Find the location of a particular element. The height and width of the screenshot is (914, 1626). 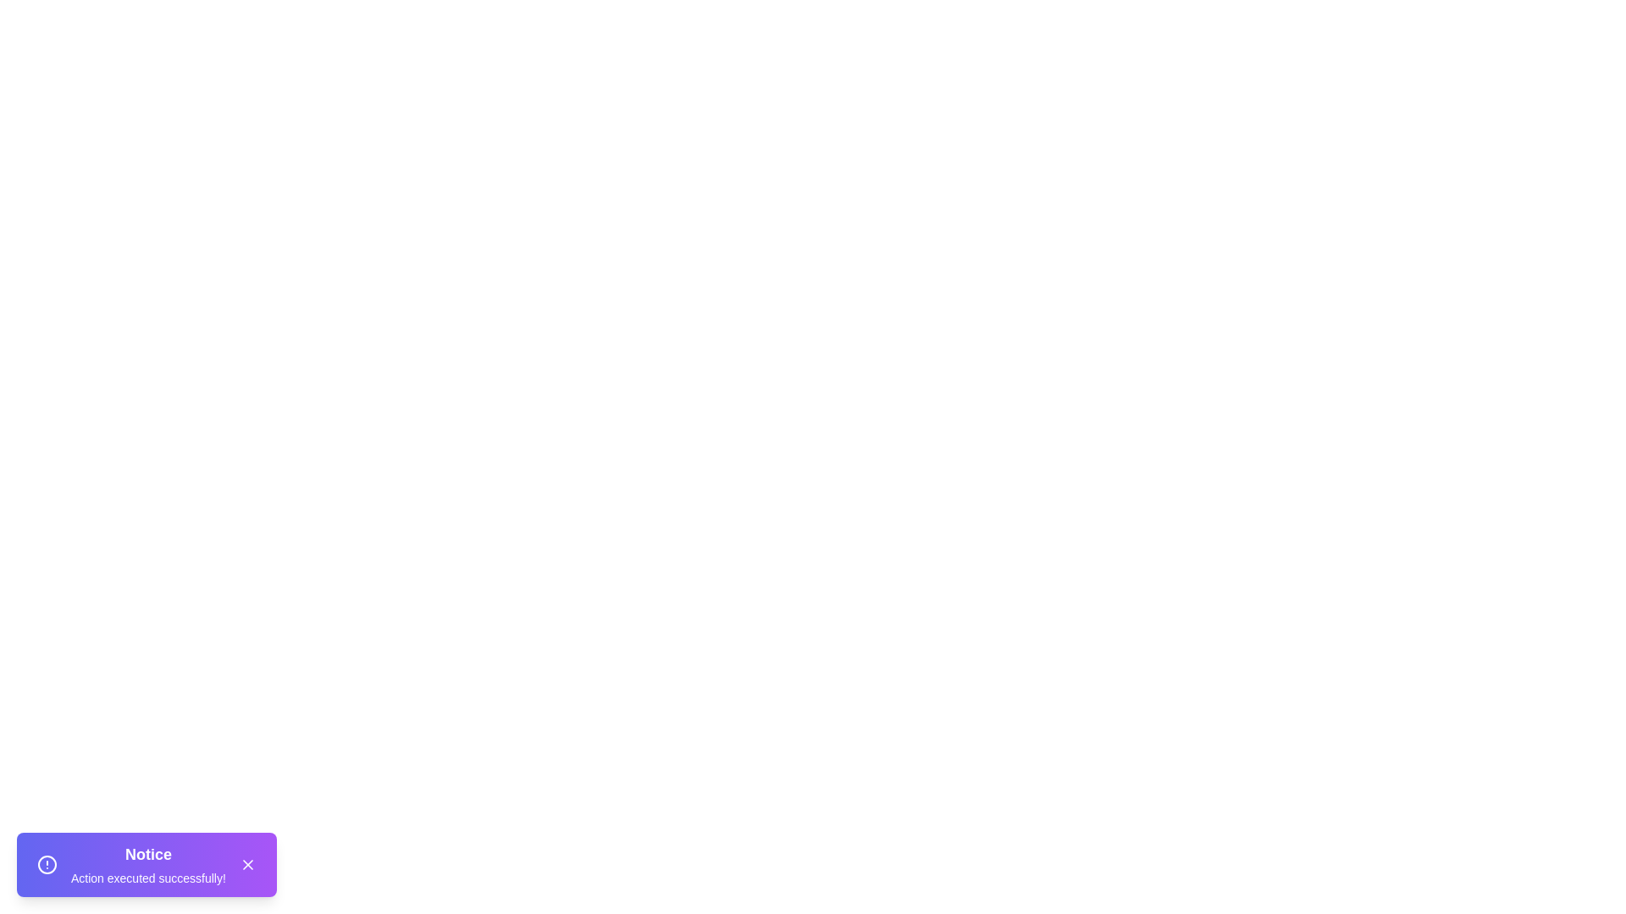

the Snackbar to observe hover effects is located at coordinates (146, 865).